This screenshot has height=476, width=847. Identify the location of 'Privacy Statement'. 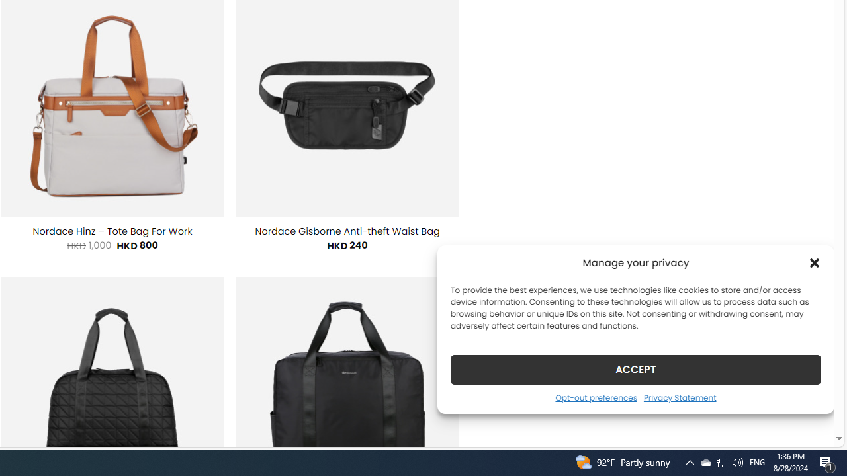
(680, 397).